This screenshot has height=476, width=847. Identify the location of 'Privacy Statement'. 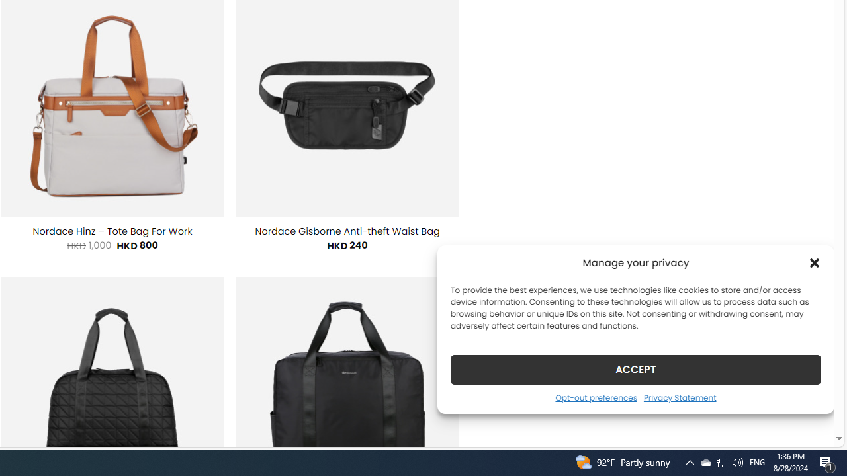
(680, 397).